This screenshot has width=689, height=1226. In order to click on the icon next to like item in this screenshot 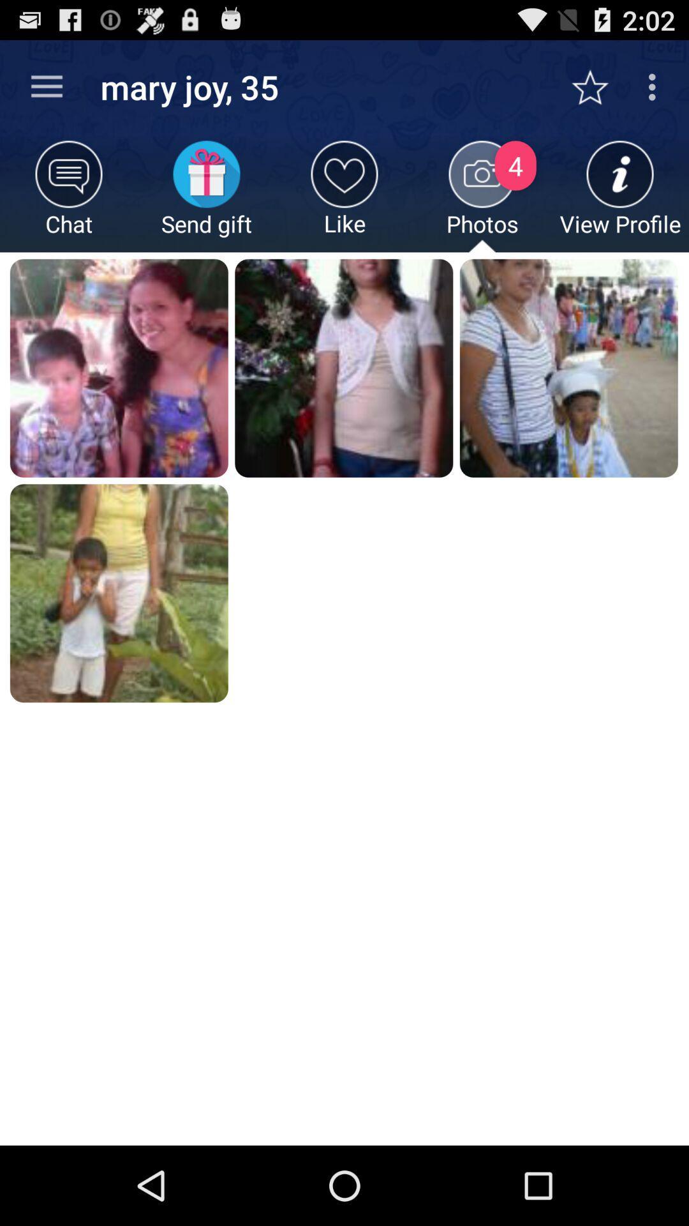, I will do `click(482, 195)`.